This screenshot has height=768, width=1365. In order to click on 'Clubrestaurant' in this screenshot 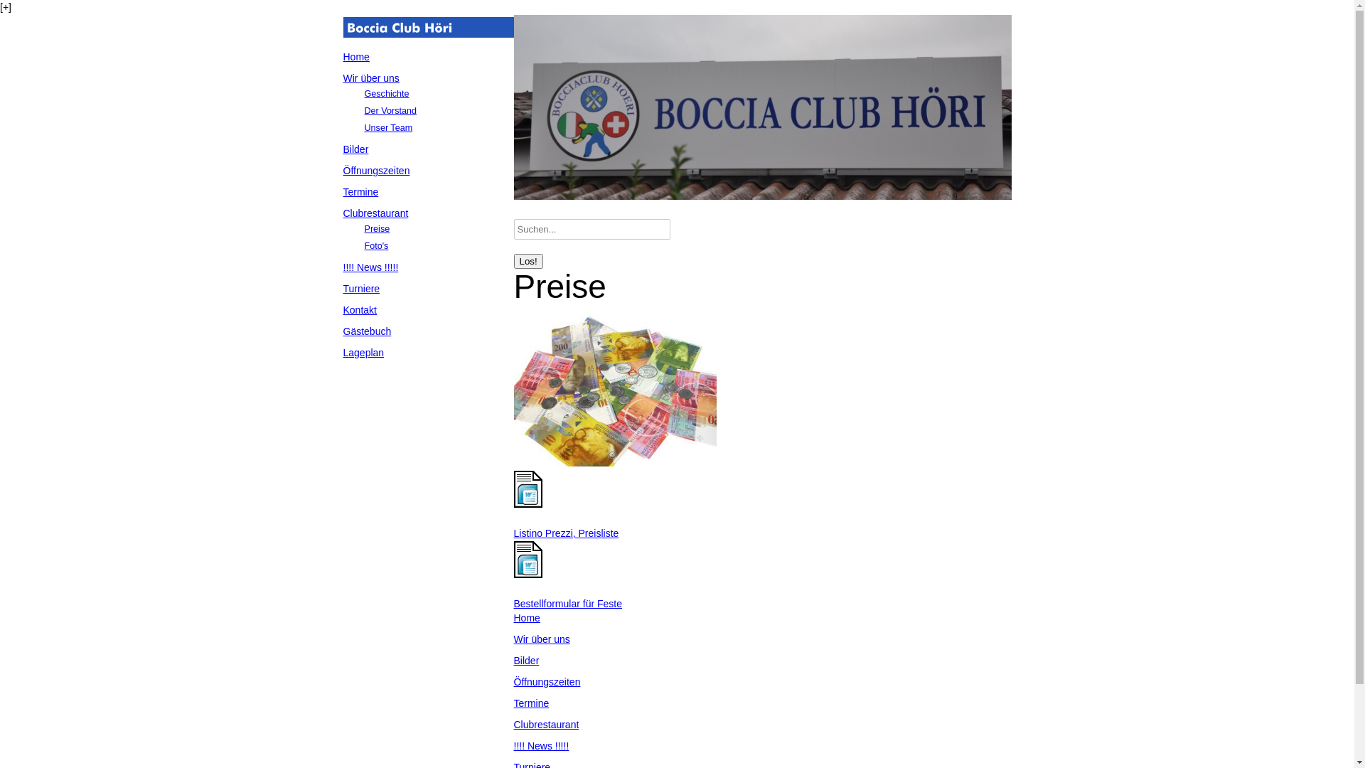, I will do `click(375, 213)`.